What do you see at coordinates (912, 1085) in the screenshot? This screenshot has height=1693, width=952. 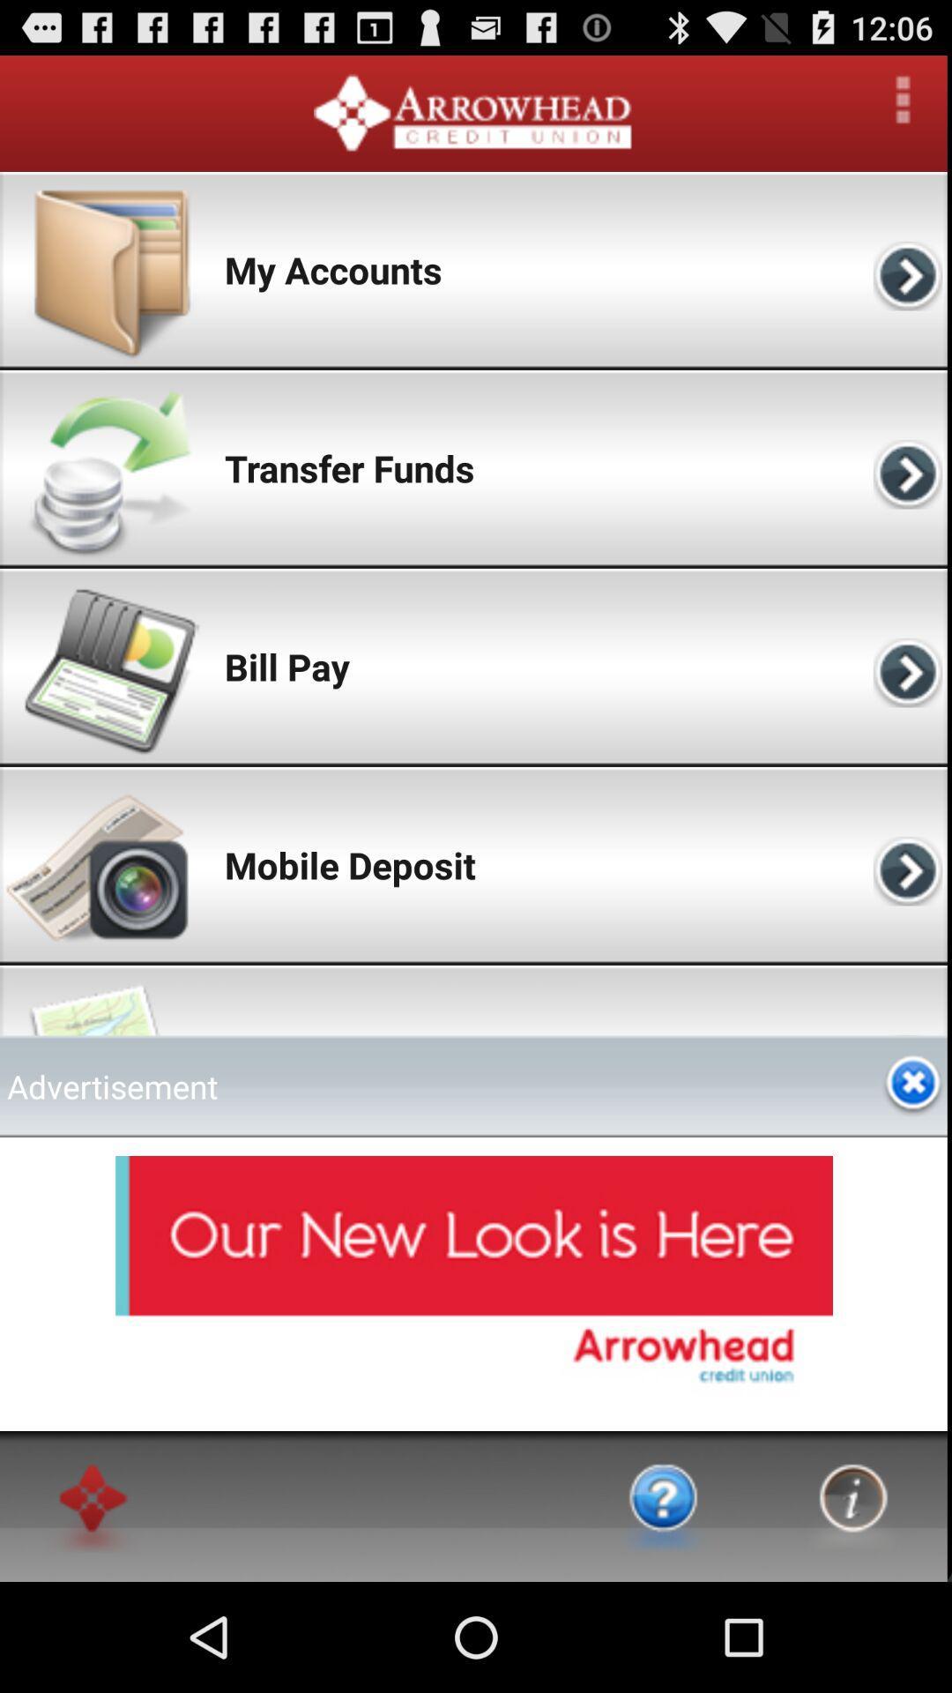 I see `item` at bounding box center [912, 1085].